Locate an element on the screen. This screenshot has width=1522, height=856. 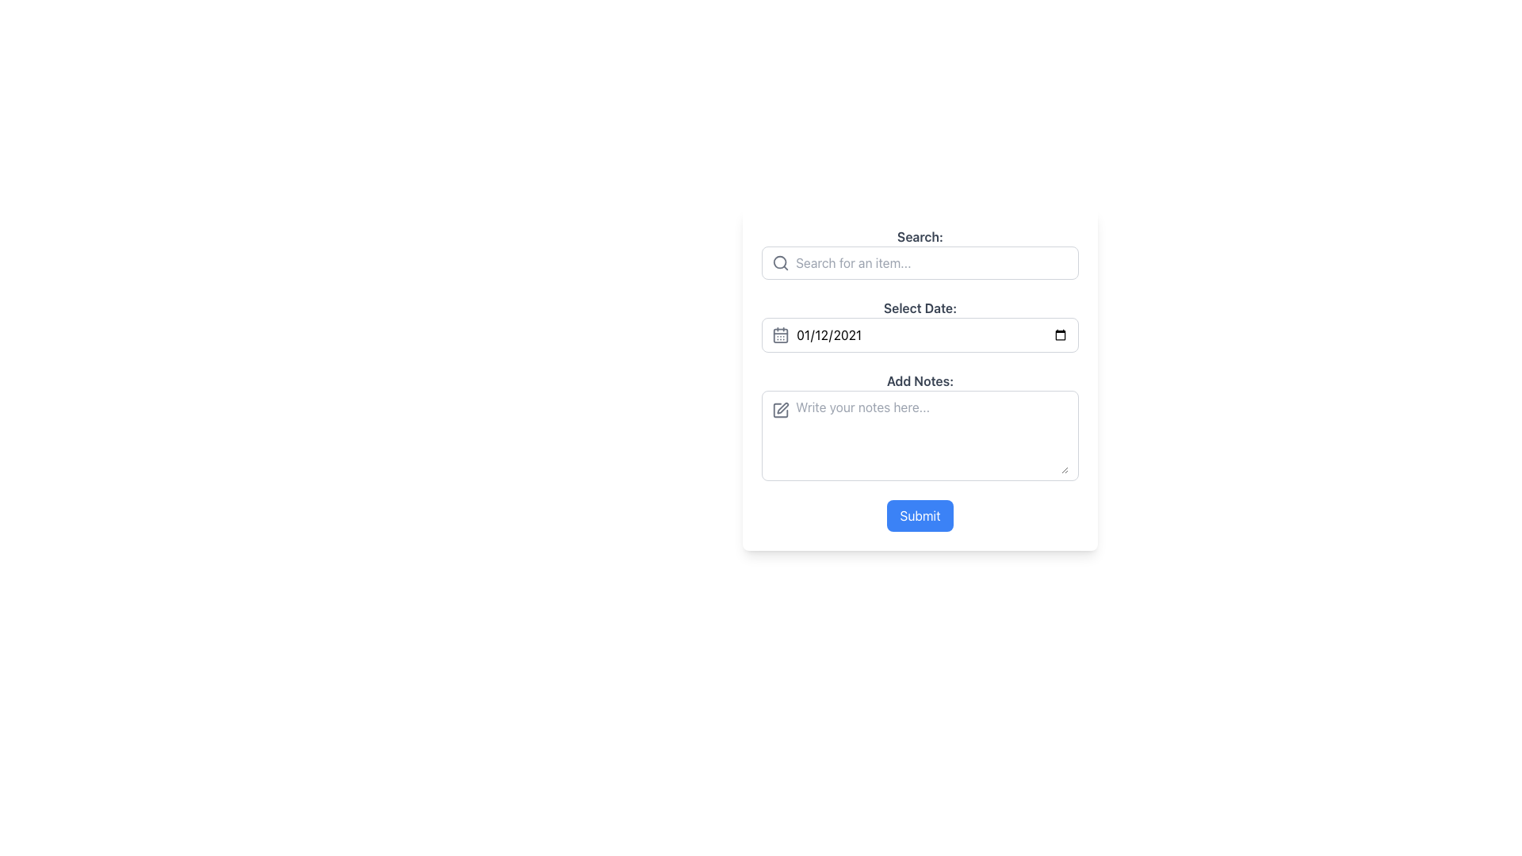
the pen icon within the SVG element representing the 'edit' or 'write' feature, located in the top-right position of the interface is located at coordinates (782, 407).